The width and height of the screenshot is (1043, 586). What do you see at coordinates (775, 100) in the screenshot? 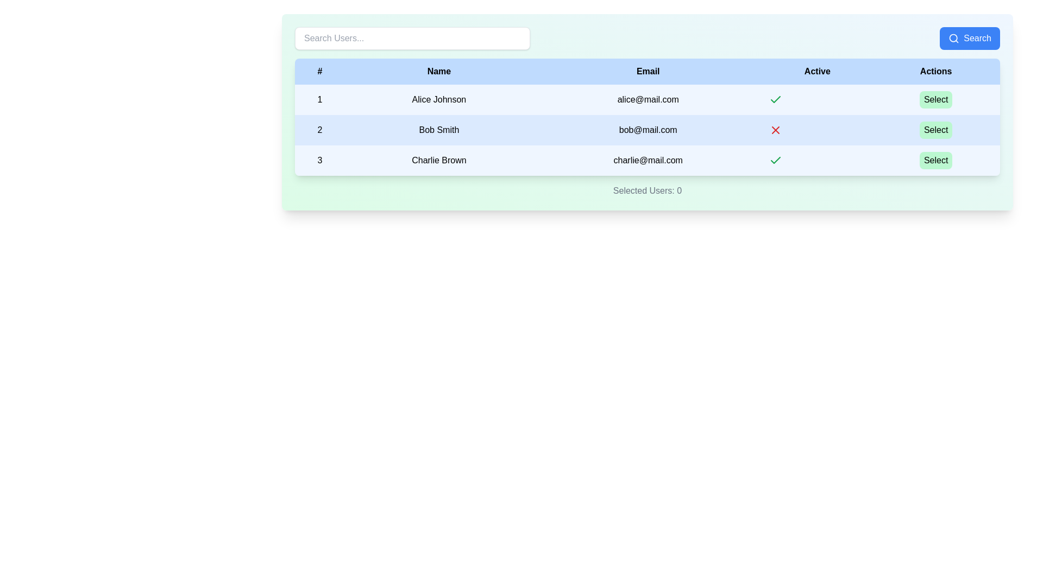
I see `the active status icon for user 'Alice Johnson', located in the 'Active' column of the first row of the table, which indicates that the user is marked as active` at bounding box center [775, 100].